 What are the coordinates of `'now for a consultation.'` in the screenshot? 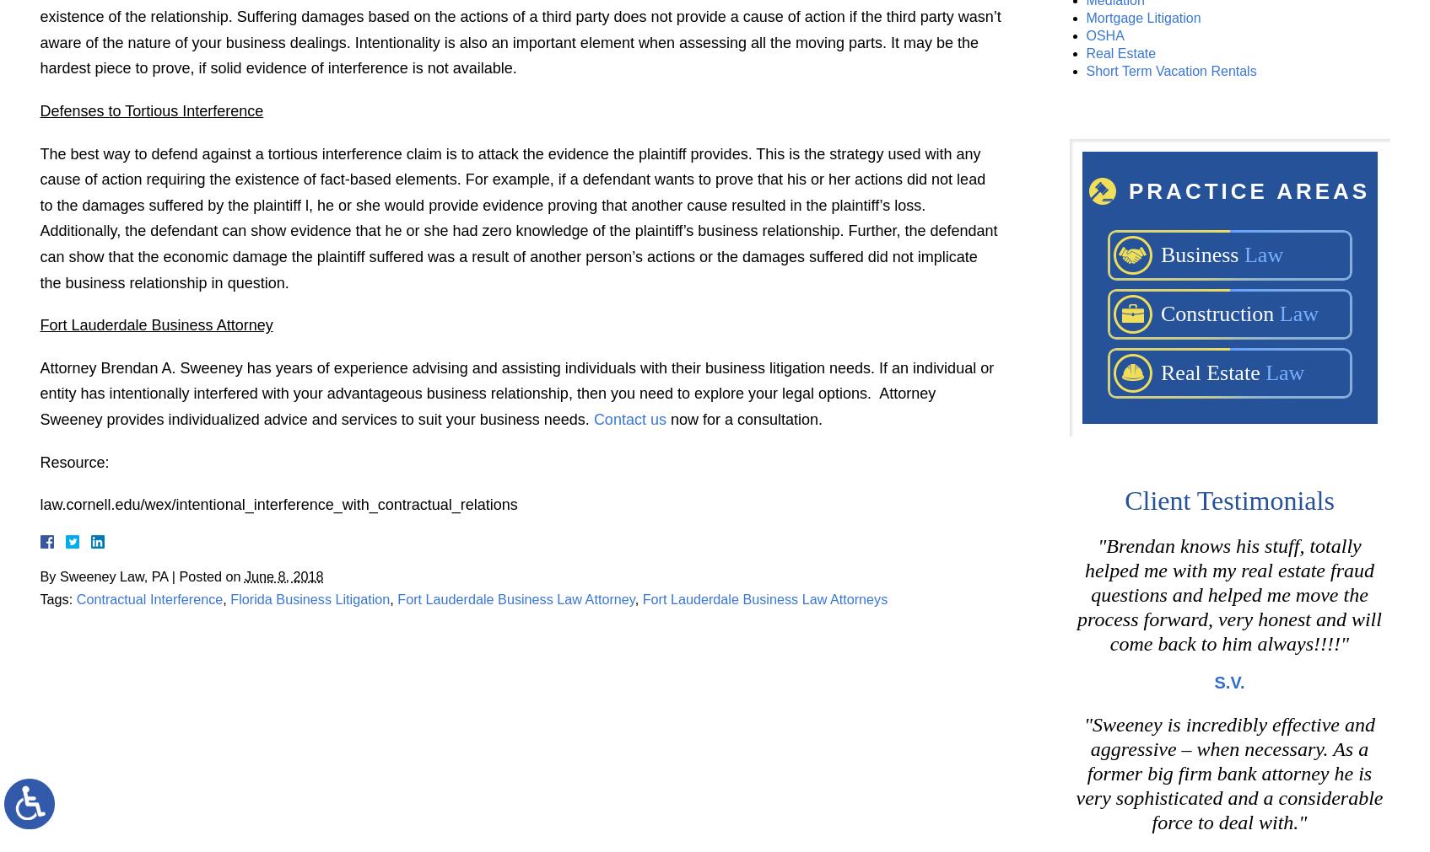 It's located at (743, 419).